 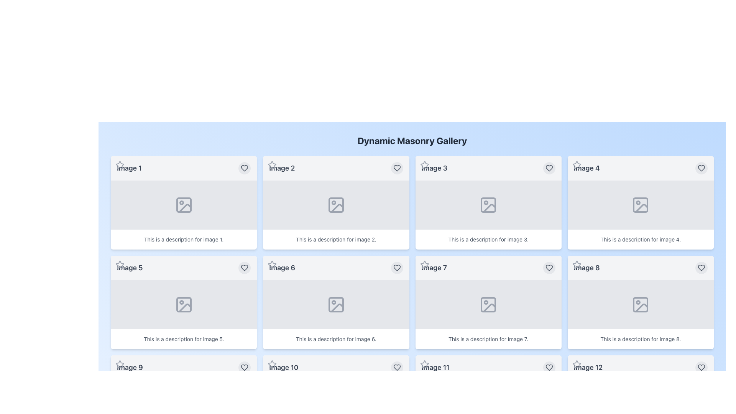 I want to click on the circular button with a gray background and heart icon located in the top right corner of the card labeled 'Image 4' to like or favorite, so click(x=701, y=168).